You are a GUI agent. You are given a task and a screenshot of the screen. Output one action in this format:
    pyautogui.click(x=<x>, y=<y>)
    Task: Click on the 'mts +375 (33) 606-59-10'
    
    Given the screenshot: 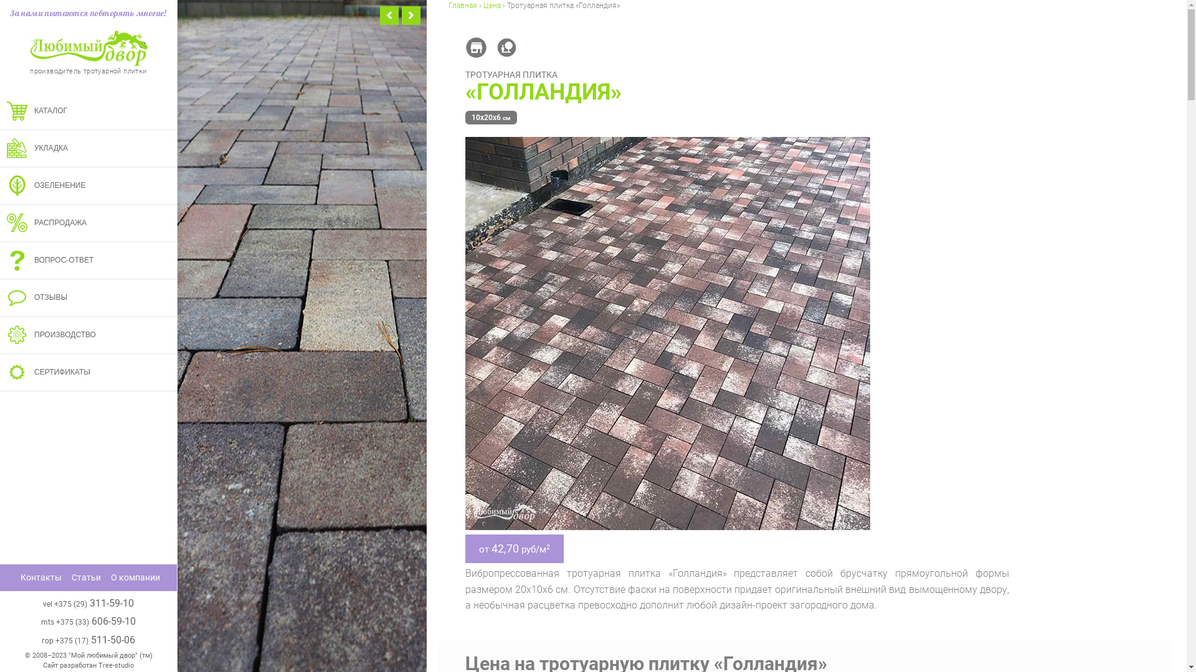 What is the action you would take?
    pyautogui.click(x=41, y=621)
    